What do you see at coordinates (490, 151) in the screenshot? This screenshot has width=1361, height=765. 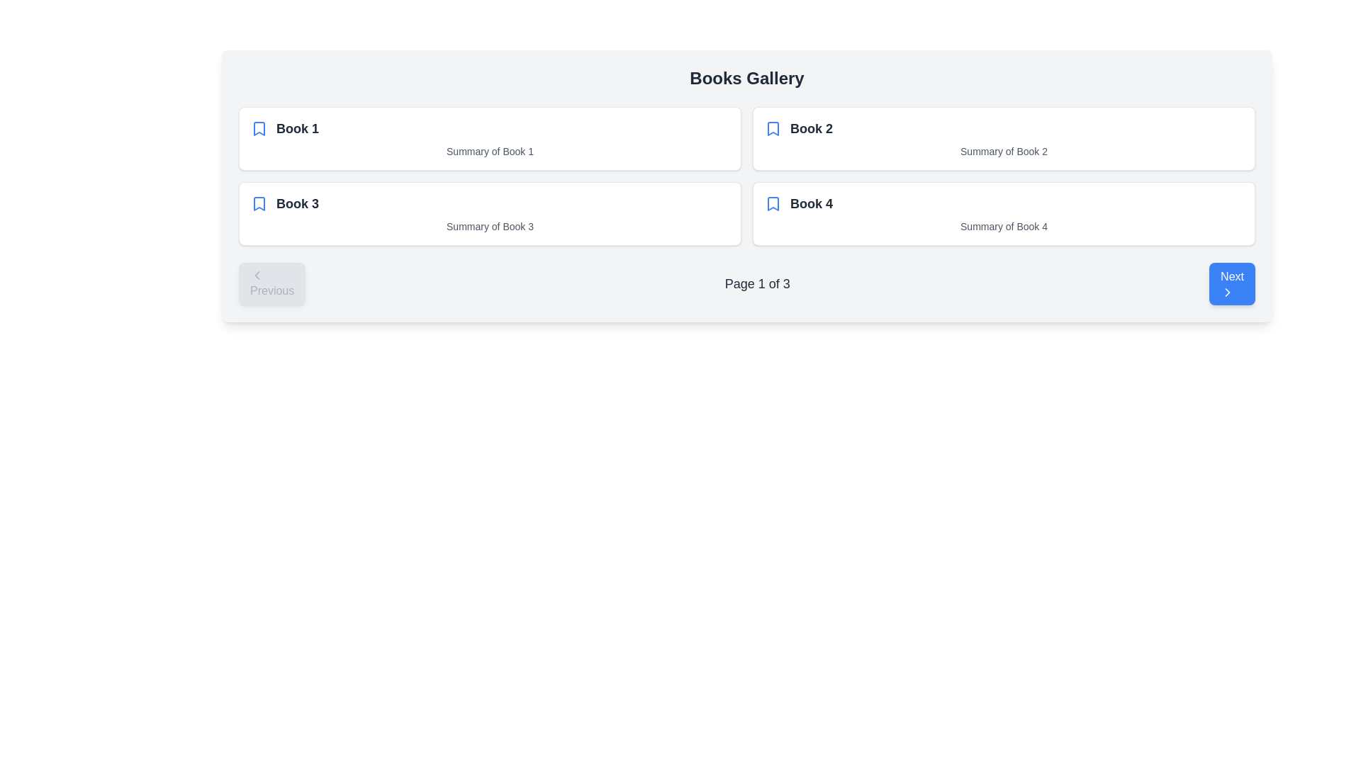 I see `the static text label providing a summary for 'Book 1', which is located beneath the bold title 'Book 1'` at bounding box center [490, 151].